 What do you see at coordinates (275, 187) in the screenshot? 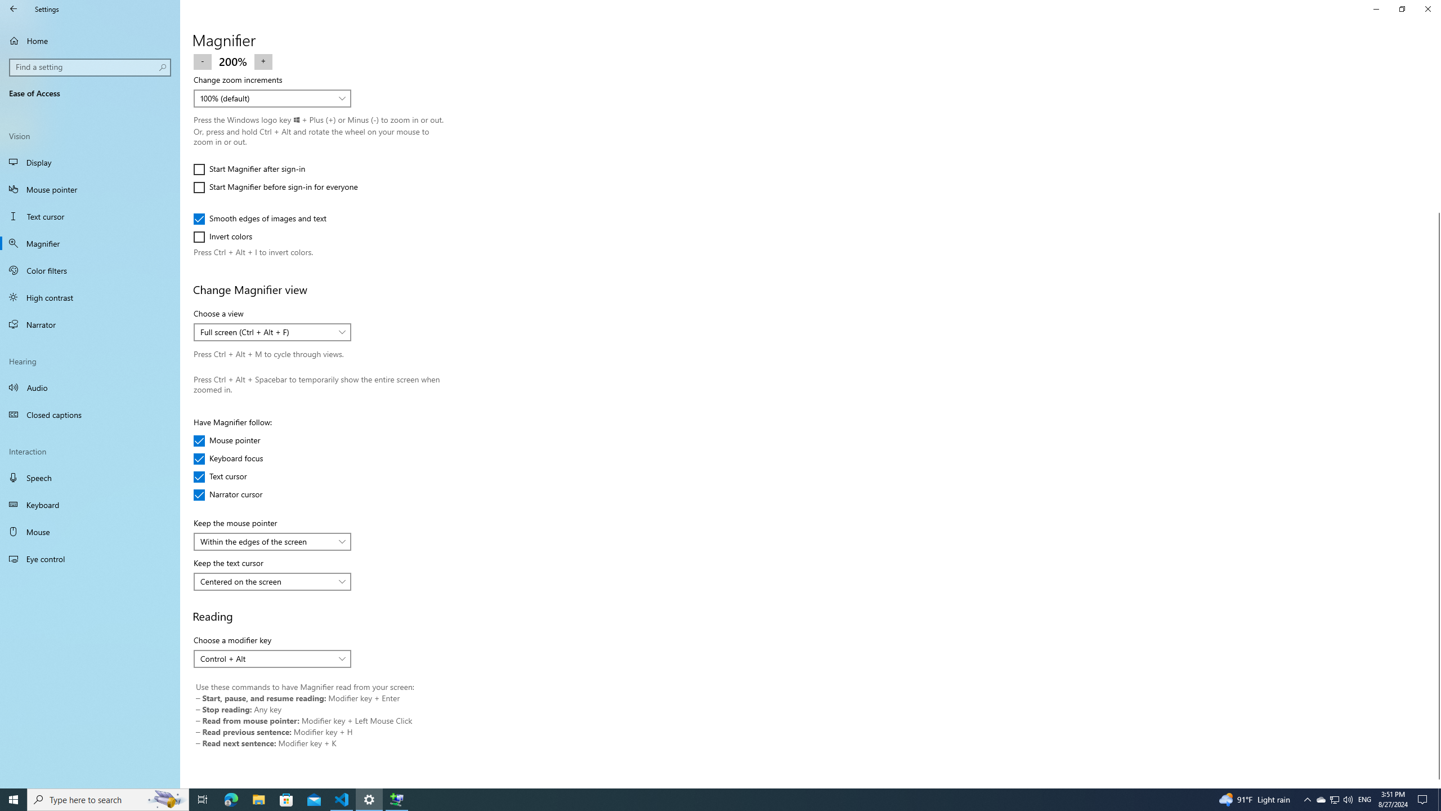
I see `'Start Magnifier before sign-in for everyone'` at bounding box center [275, 187].